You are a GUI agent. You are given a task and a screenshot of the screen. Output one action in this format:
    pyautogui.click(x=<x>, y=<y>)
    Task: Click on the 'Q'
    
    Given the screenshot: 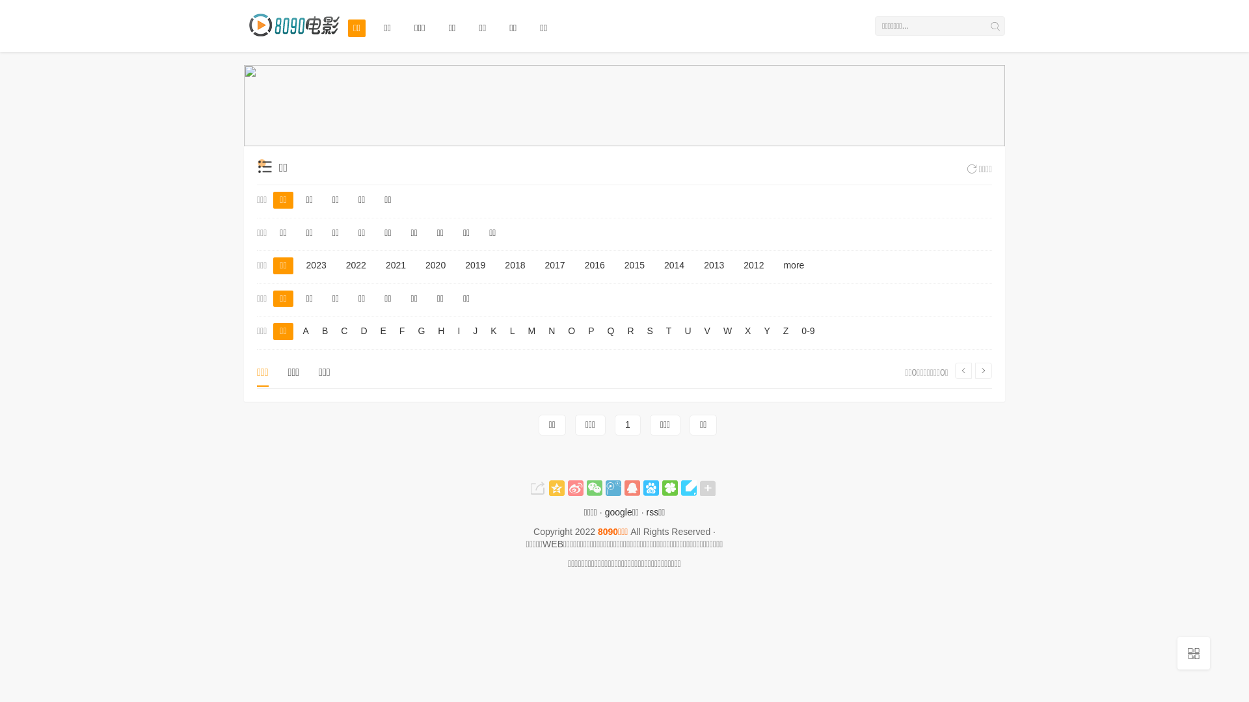 What is the action you would take?
    pyautogui.click(x=610, y=330)
    